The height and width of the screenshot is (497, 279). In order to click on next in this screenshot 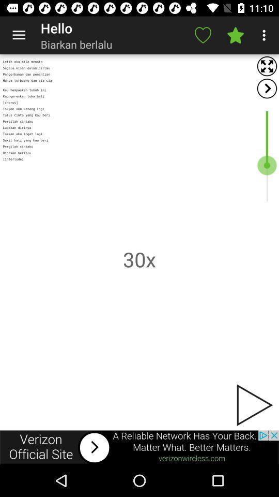, I will do `click(267, 88)`.